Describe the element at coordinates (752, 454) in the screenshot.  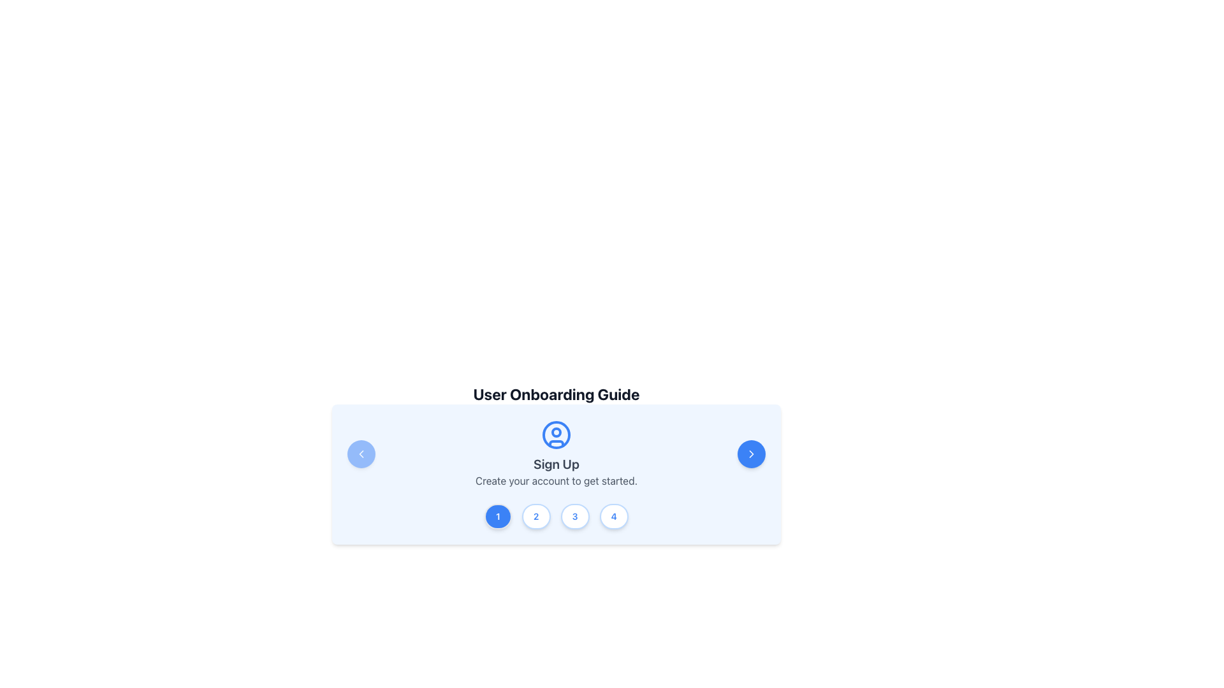
I see `the right-chevron icon with a thin outline positioned within a circular blue background for additional information` at that location.